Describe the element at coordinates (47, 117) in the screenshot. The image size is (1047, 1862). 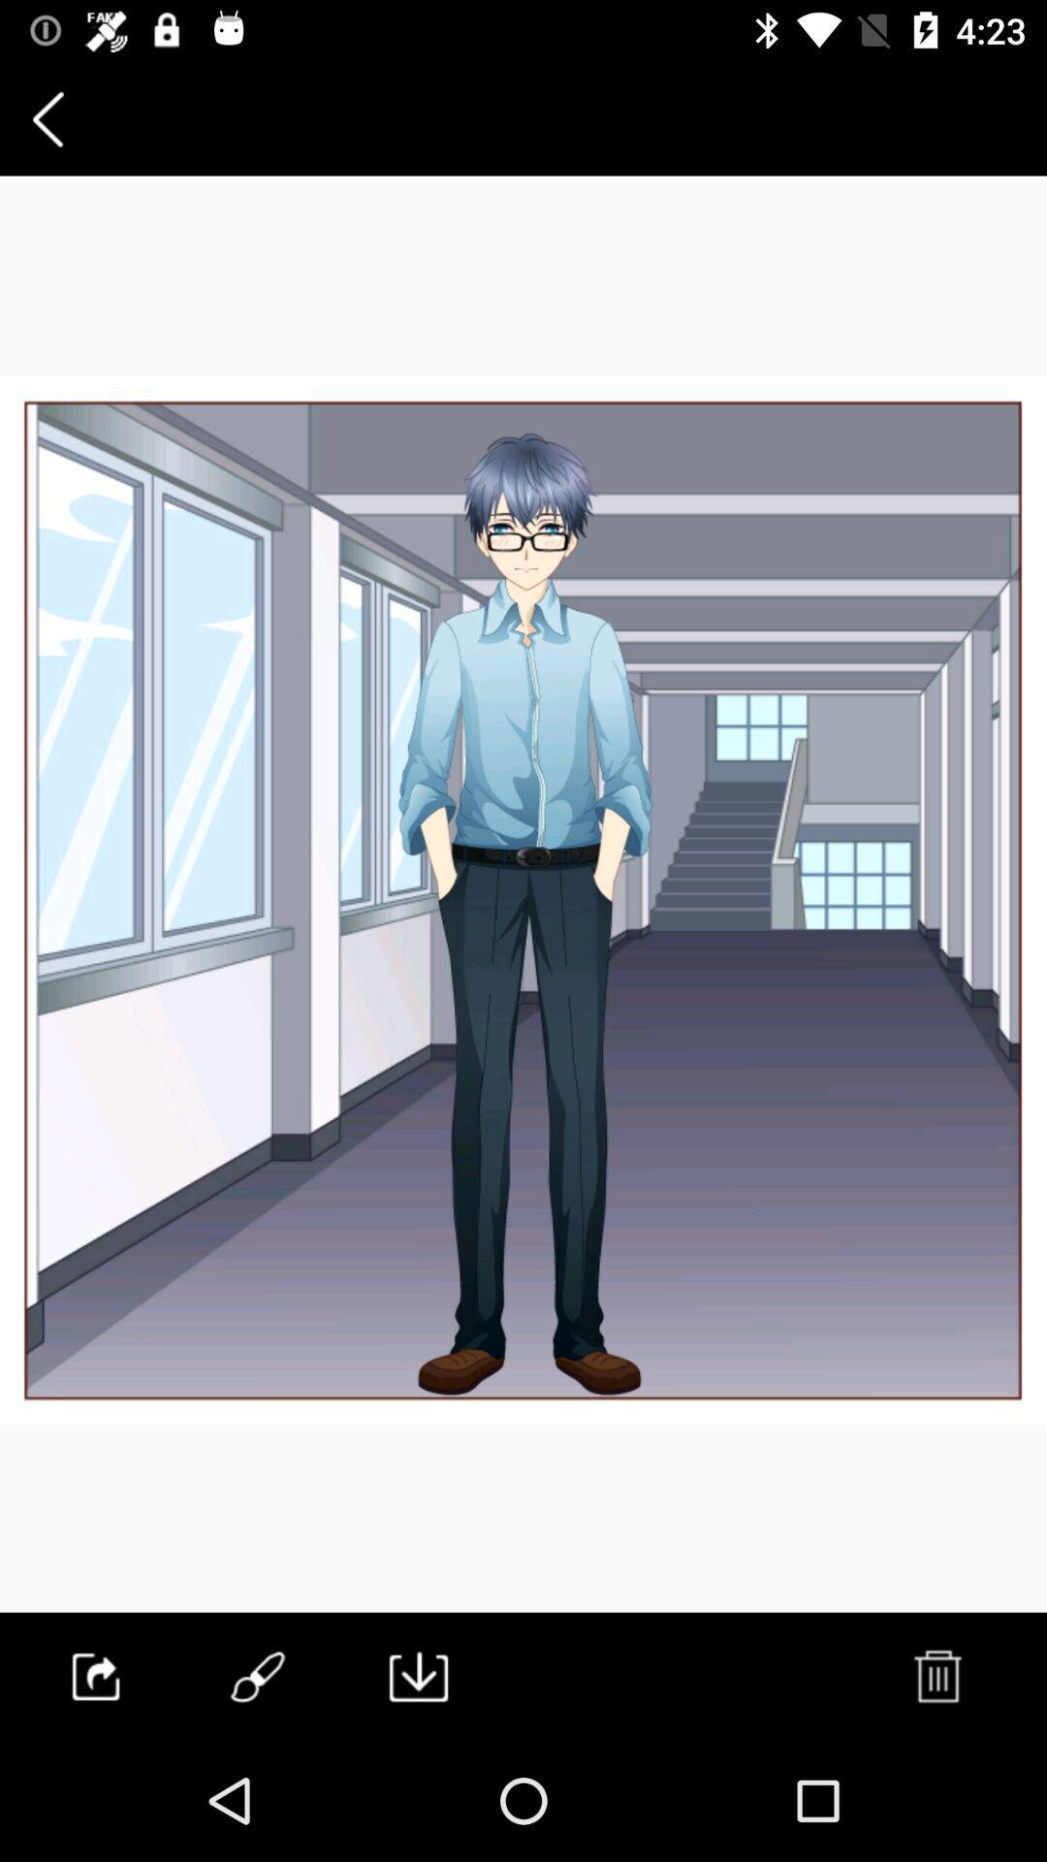
I see `the item at the top left corner` at that location.